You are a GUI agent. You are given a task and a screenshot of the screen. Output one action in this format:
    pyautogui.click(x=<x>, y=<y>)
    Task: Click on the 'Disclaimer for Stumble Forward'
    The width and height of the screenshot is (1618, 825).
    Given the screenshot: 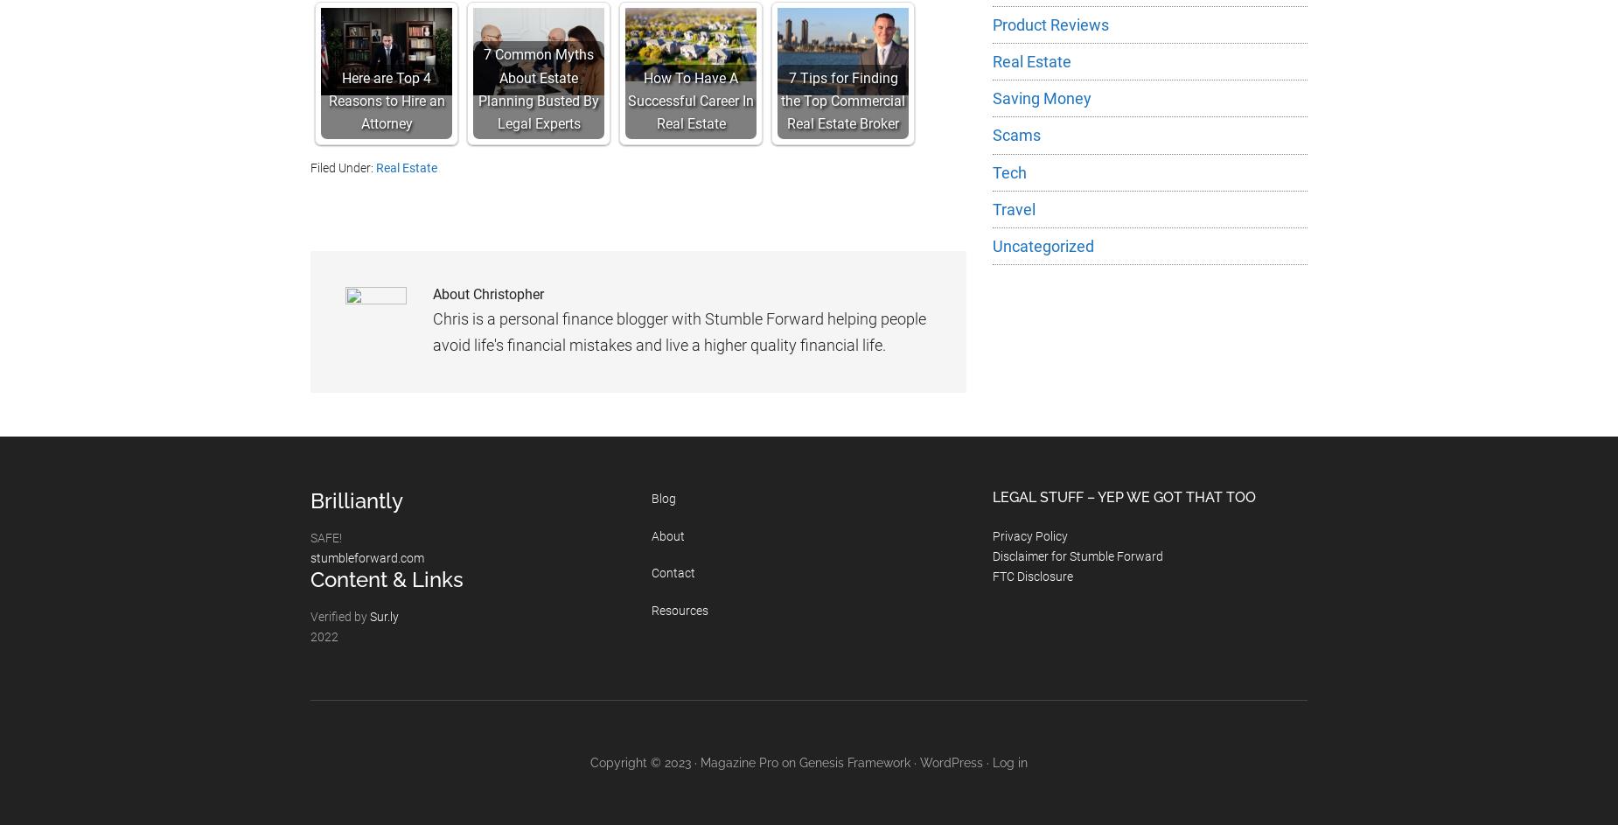 What is the action you would take?
    pyautogui.click(x=991, y=556)
    